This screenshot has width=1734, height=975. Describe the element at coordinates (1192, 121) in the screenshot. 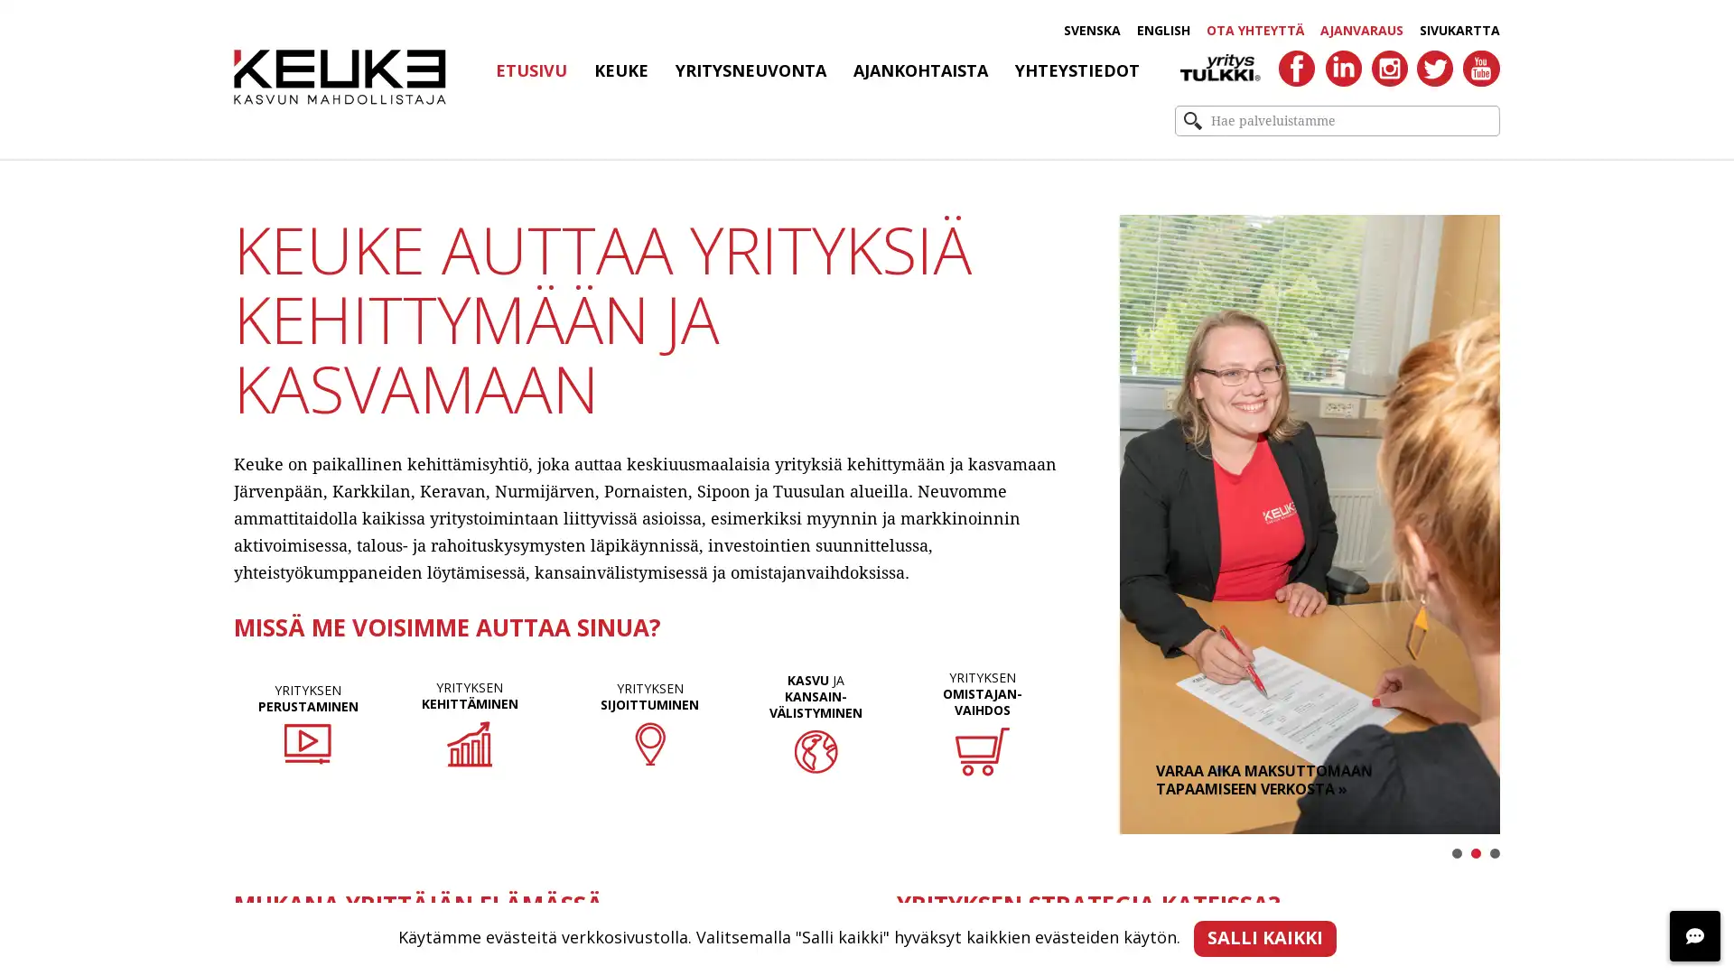

I see `Hae palveluistamme` at that location.